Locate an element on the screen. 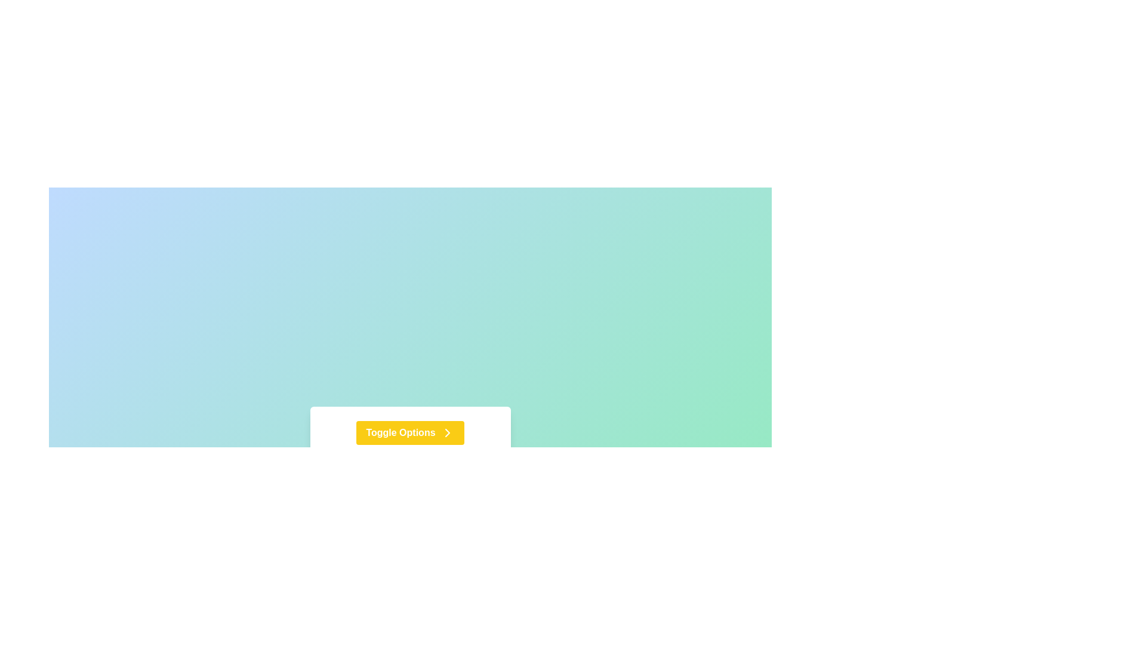  the 'Toggle Options' label, which is styled in bold white font against a yellow background, located within a rounded yellow button is located at coordinates (401, 433).